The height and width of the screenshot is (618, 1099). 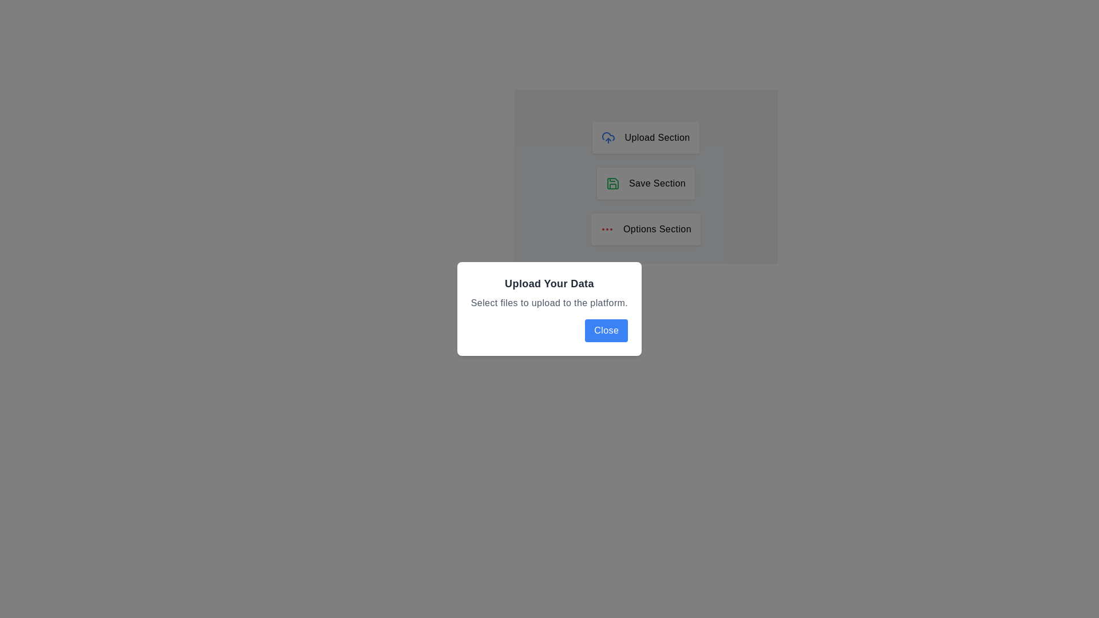 I want to click on the Text Label that serves as the title of the dialog box, positioned at the top-center of the white, rectangular dialog with rounded corners, so click(x=549, y=283).